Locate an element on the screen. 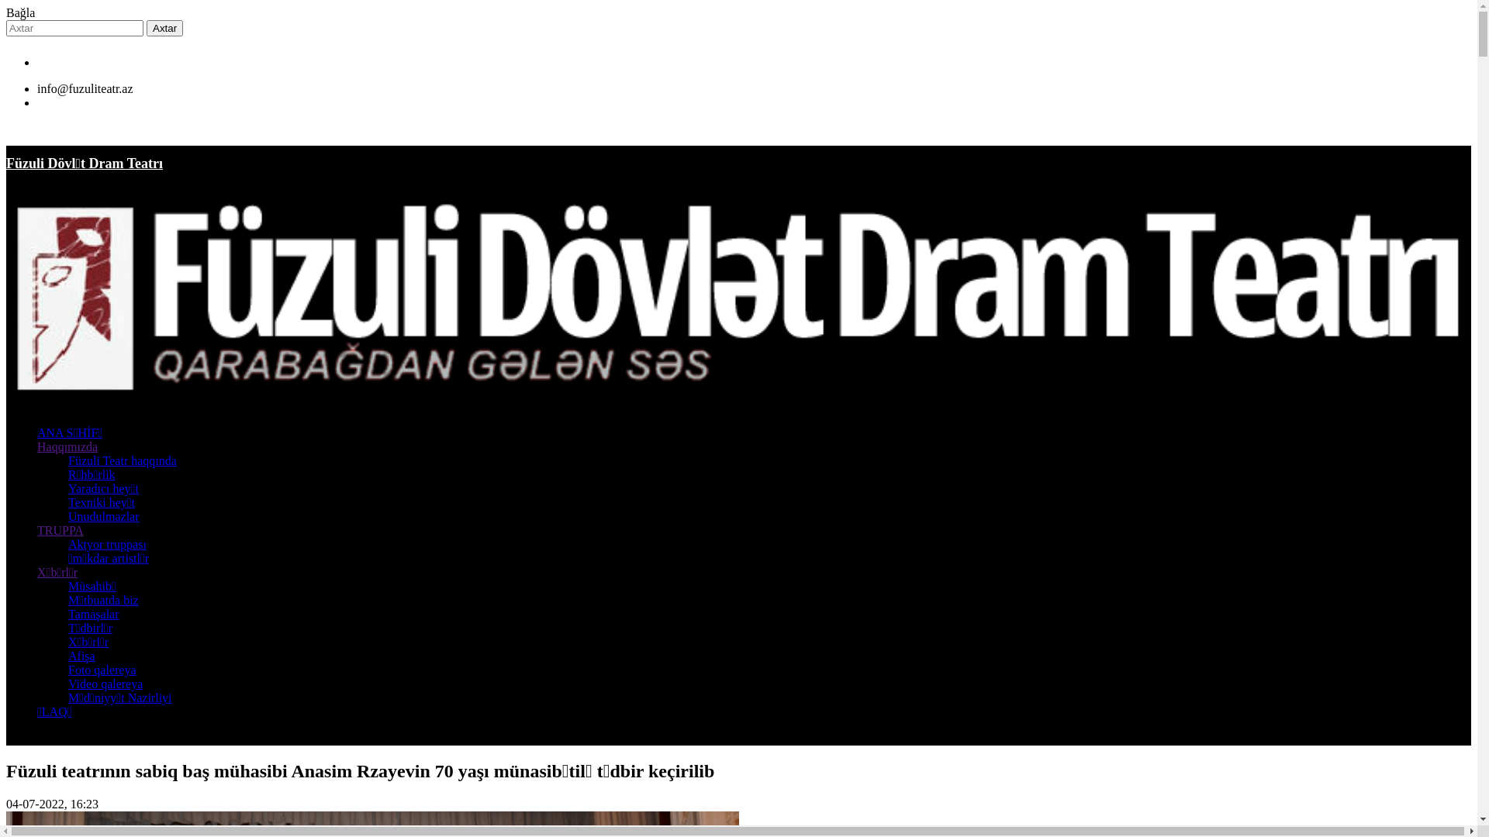 Image resolution: width=1489 pixels, height=837 pixels. 'Video qalereya' is located at coordinates (104, 683).